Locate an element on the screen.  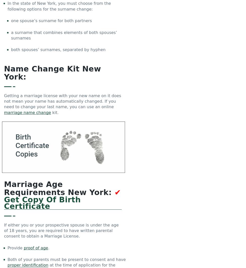
'If either you or your prospective spouse is under the age of 18 years, you are required to have written parental consent to obtain a Marriage License.' is located at coordinates (61, 231).